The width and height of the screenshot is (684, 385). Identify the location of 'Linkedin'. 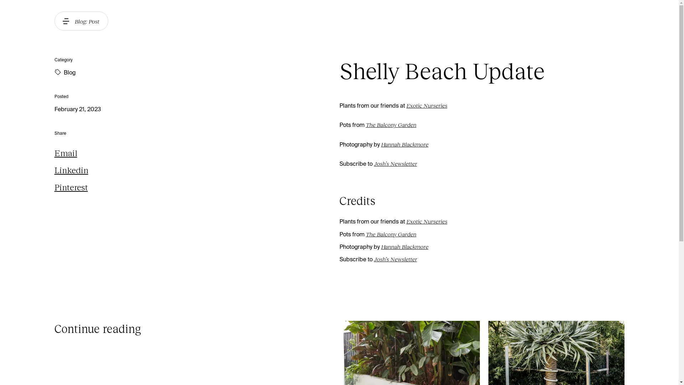
(197, 170).